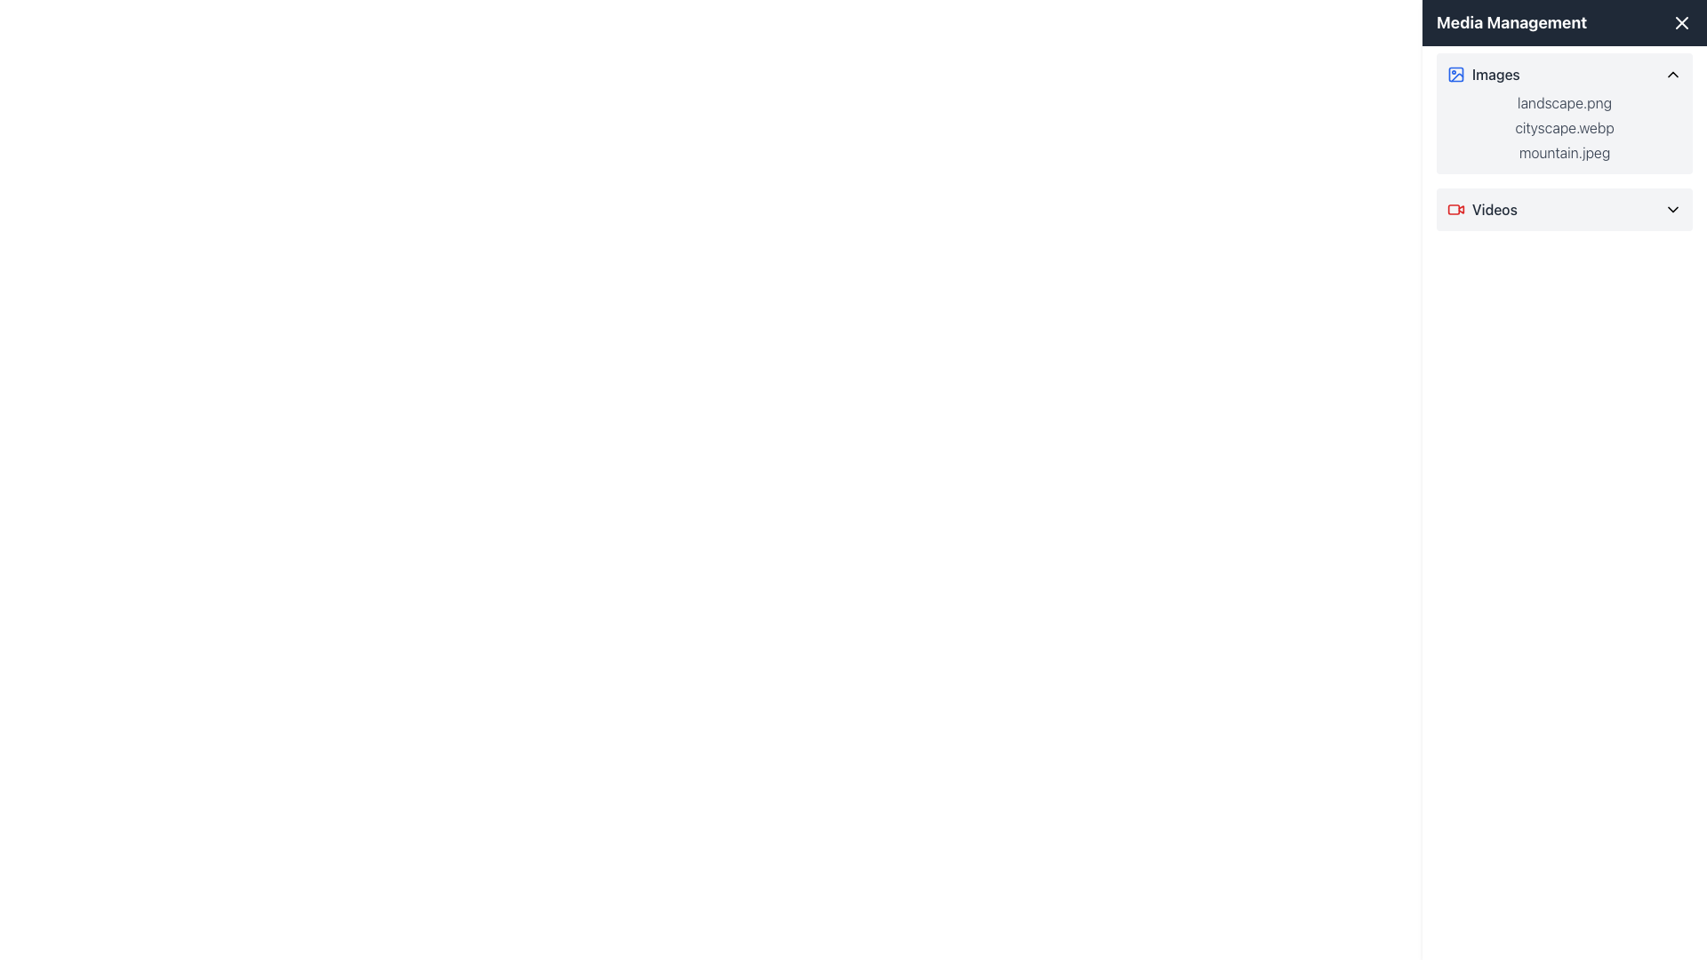 The image size is (1707, 960). What do you see at coordinates (1455, 74) in the screenshot?
I see `the icon representing the 'Images' section in the Media Management panel, located to the left of the text label 'Images'` at bounding box center [1455, 74].